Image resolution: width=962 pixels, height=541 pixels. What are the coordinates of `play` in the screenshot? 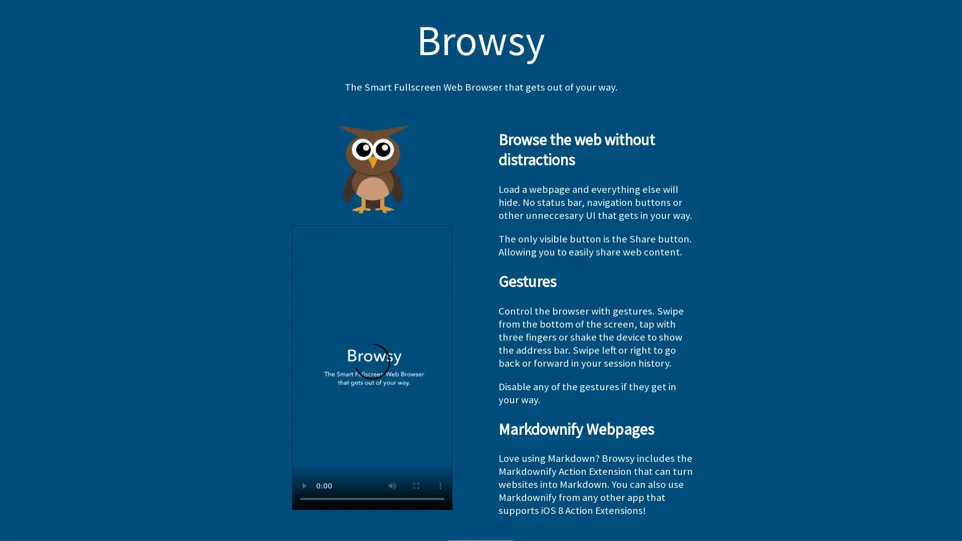 It's located at (303, 484).